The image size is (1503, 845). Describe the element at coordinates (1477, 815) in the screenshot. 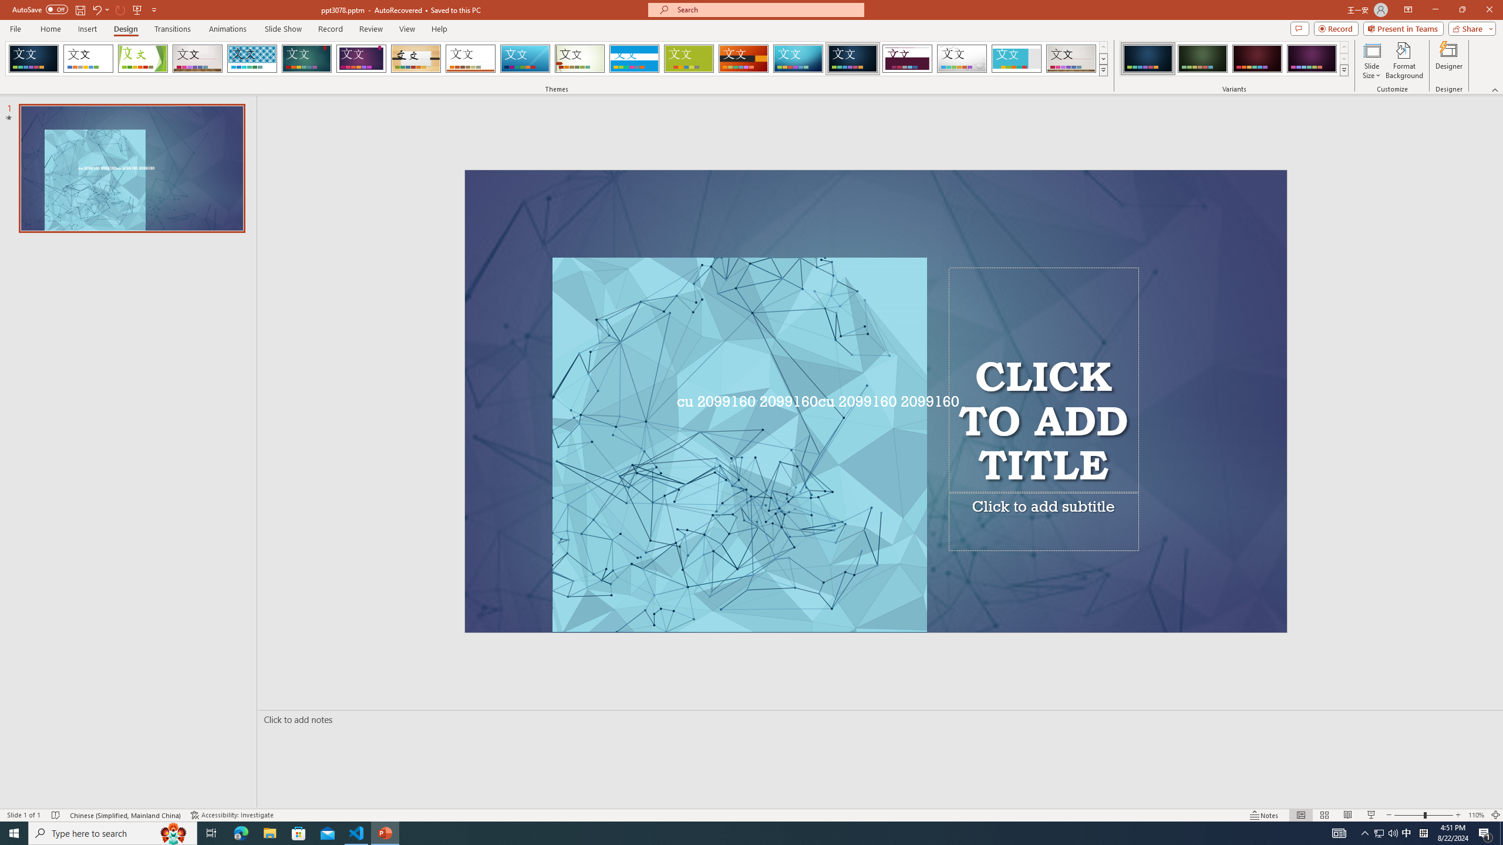

I see `'Zoom 110%'` at that location.